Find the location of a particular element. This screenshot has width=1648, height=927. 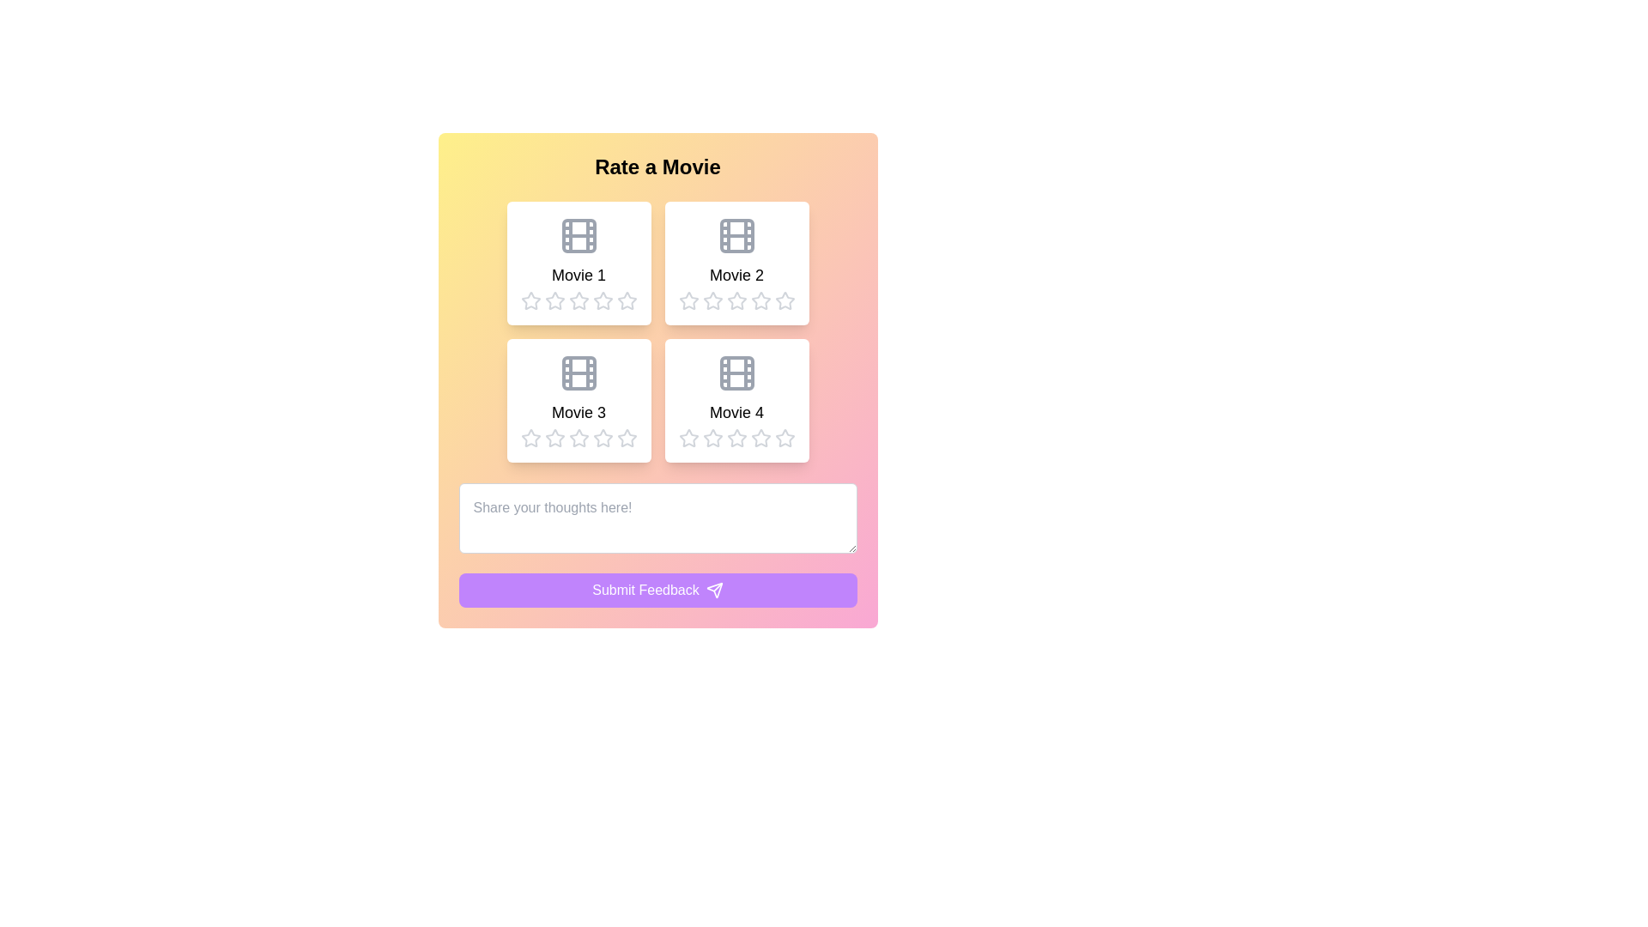

the third star in the rating row below the 'Movie 2' card to rate the movie is located at coordinates (712, 300).